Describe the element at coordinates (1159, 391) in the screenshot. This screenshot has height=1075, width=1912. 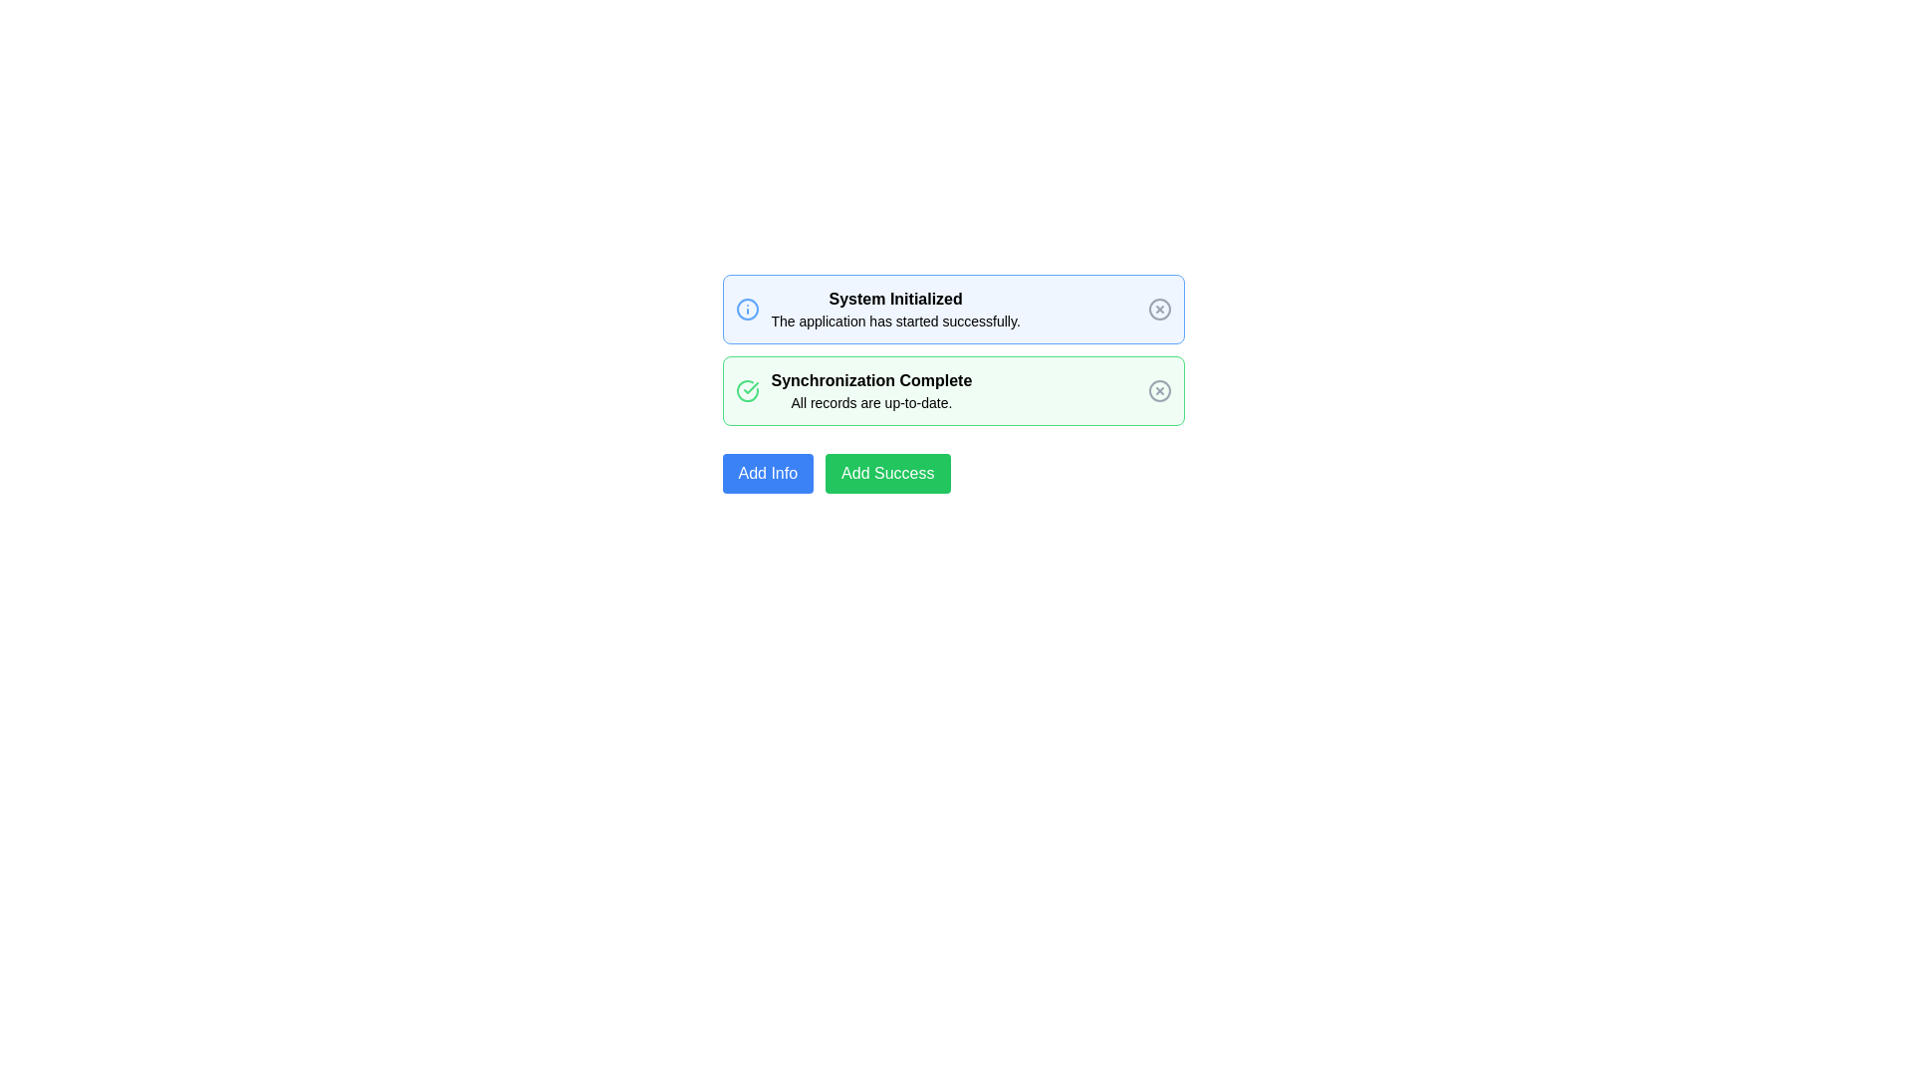
I see `the circular close button with a cross symbol inside, located at the far right of the green-highlighted notification bar titled 'Synchronization Complete'` at that location.